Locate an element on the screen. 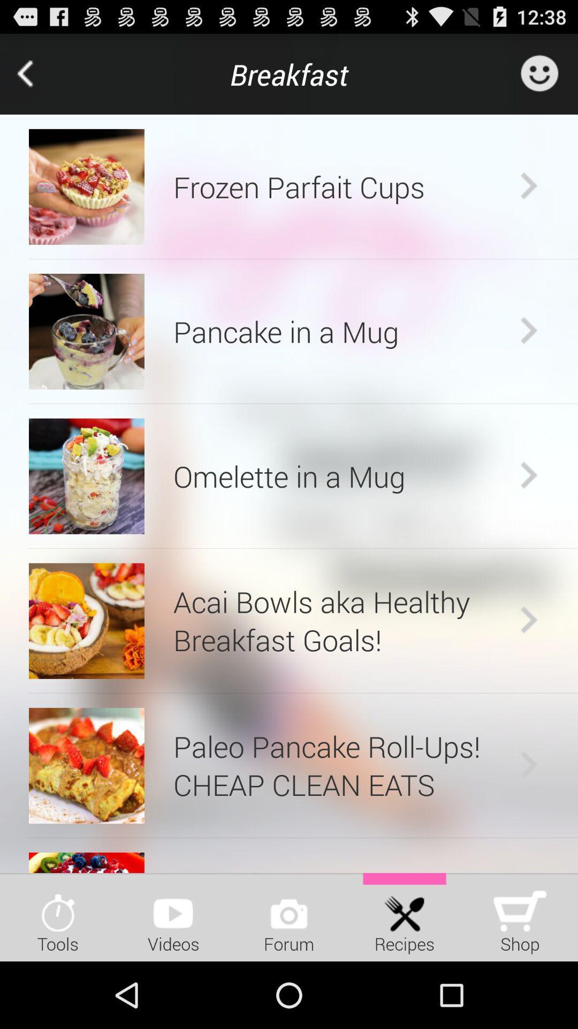 Image resolution: width=578 pixels, height=1029 pixels. the paleo pancake roll is located at coordinates (344, 765).